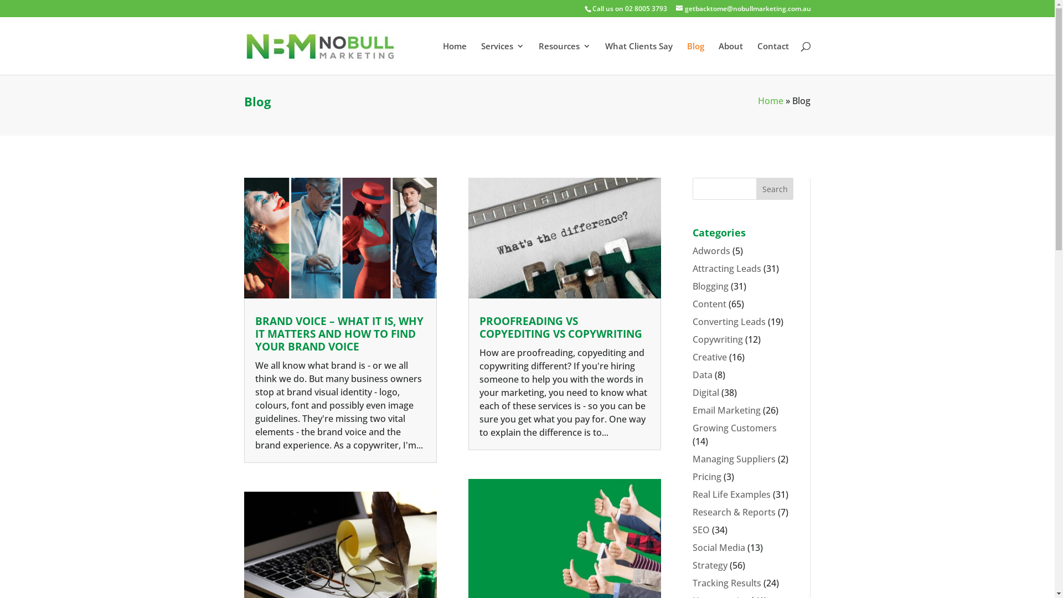  Describe the element at coordinates (709, 303) in the screenshot. I see `'Content'` at that location.